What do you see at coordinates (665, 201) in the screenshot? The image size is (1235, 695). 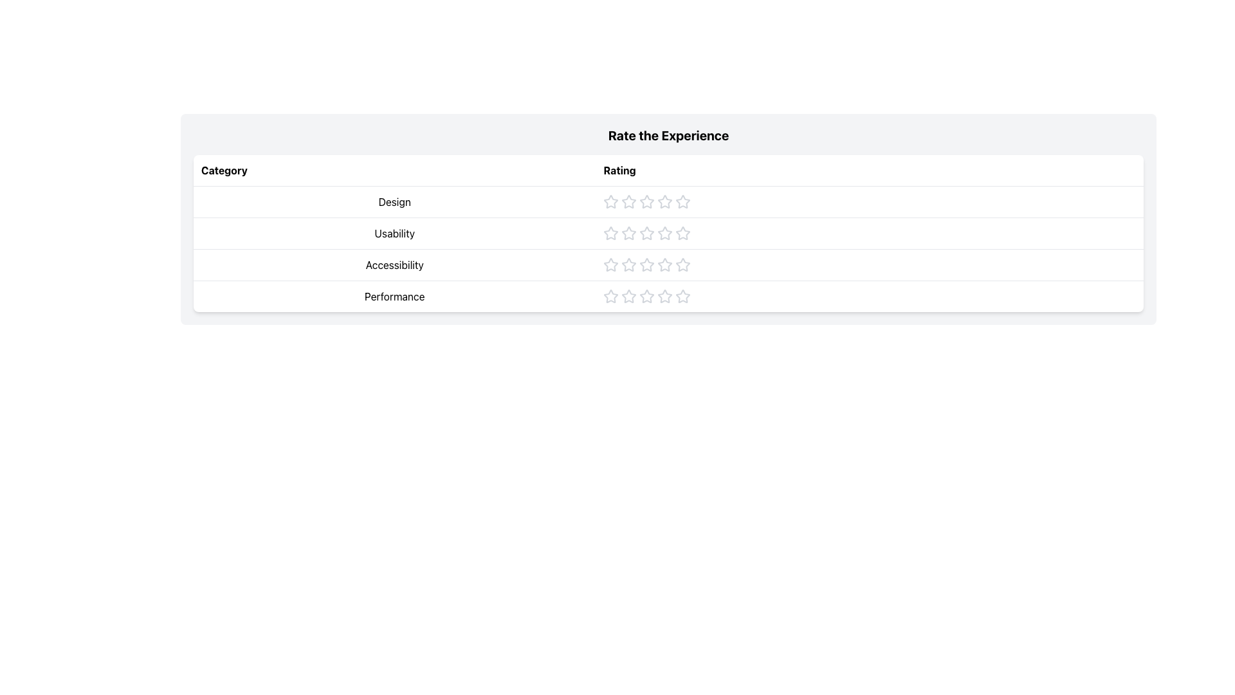 I see `the sixth star icon in the 'Rate the Experience' table` at bounding box center [665, 201].